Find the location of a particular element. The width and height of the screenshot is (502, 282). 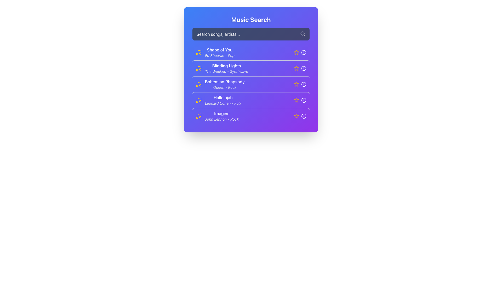

the circular icon located at the center of the search icon in the top-right corner of the search bar is located at coordinates (303, 33).